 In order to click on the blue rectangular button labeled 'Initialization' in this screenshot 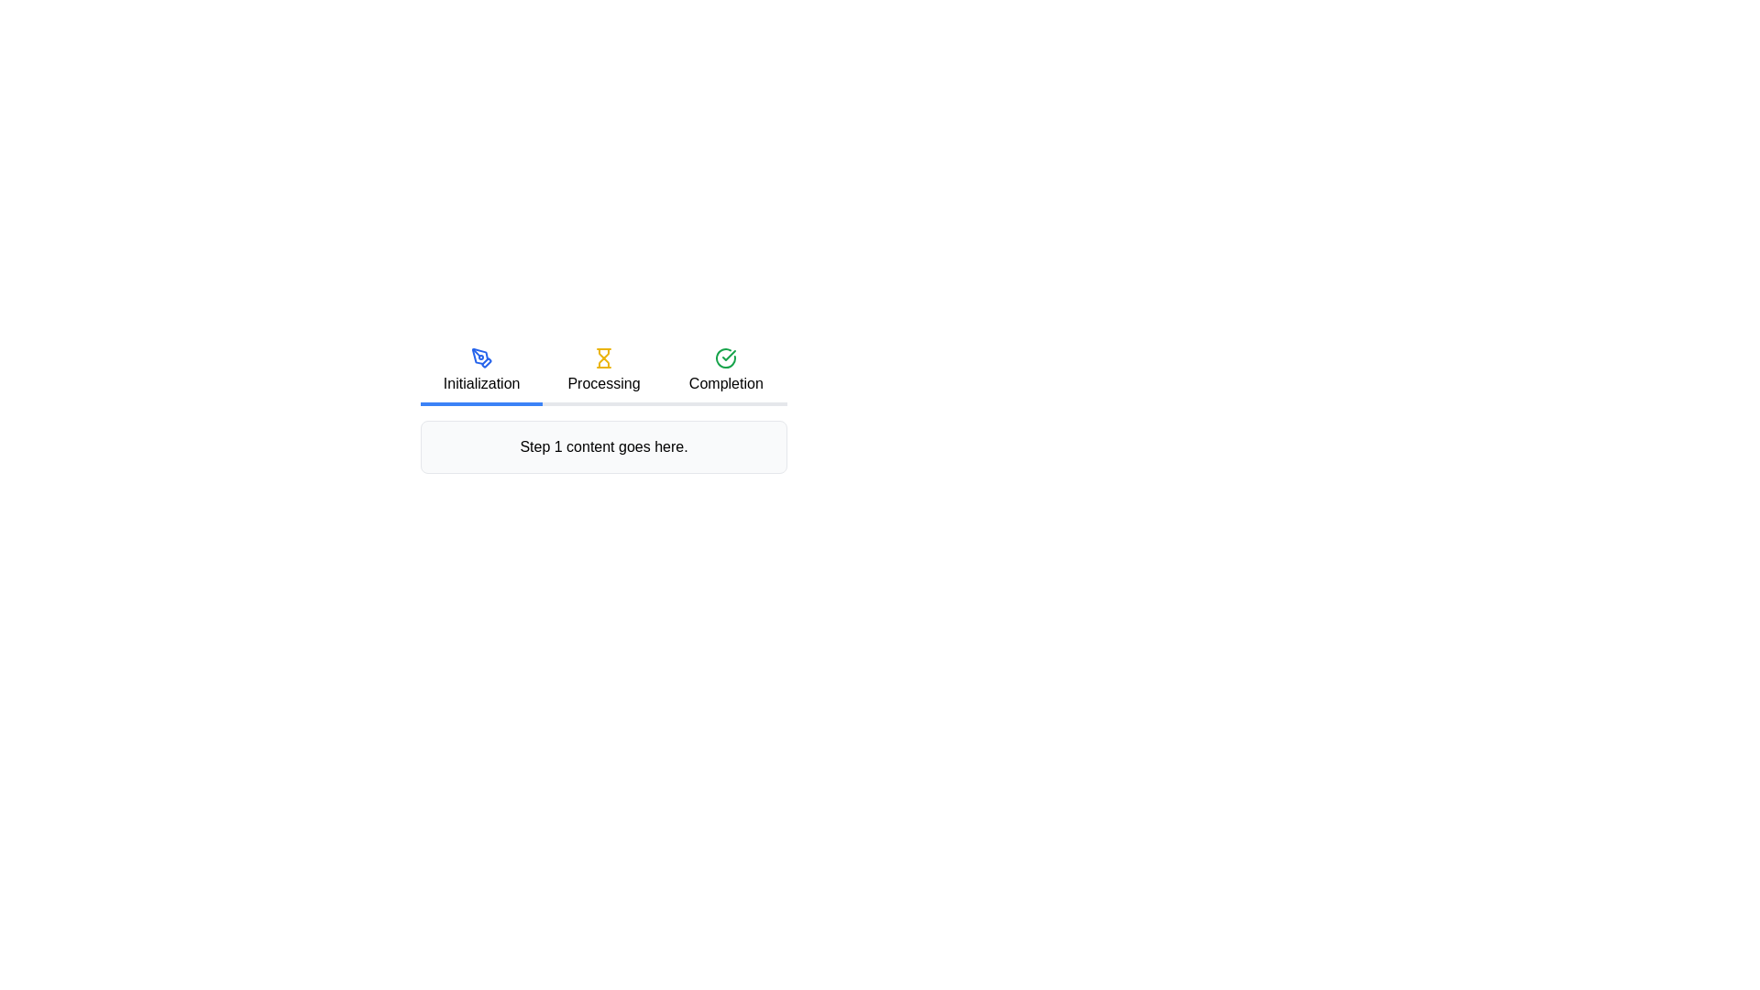, I will do `click(481, 372)`.